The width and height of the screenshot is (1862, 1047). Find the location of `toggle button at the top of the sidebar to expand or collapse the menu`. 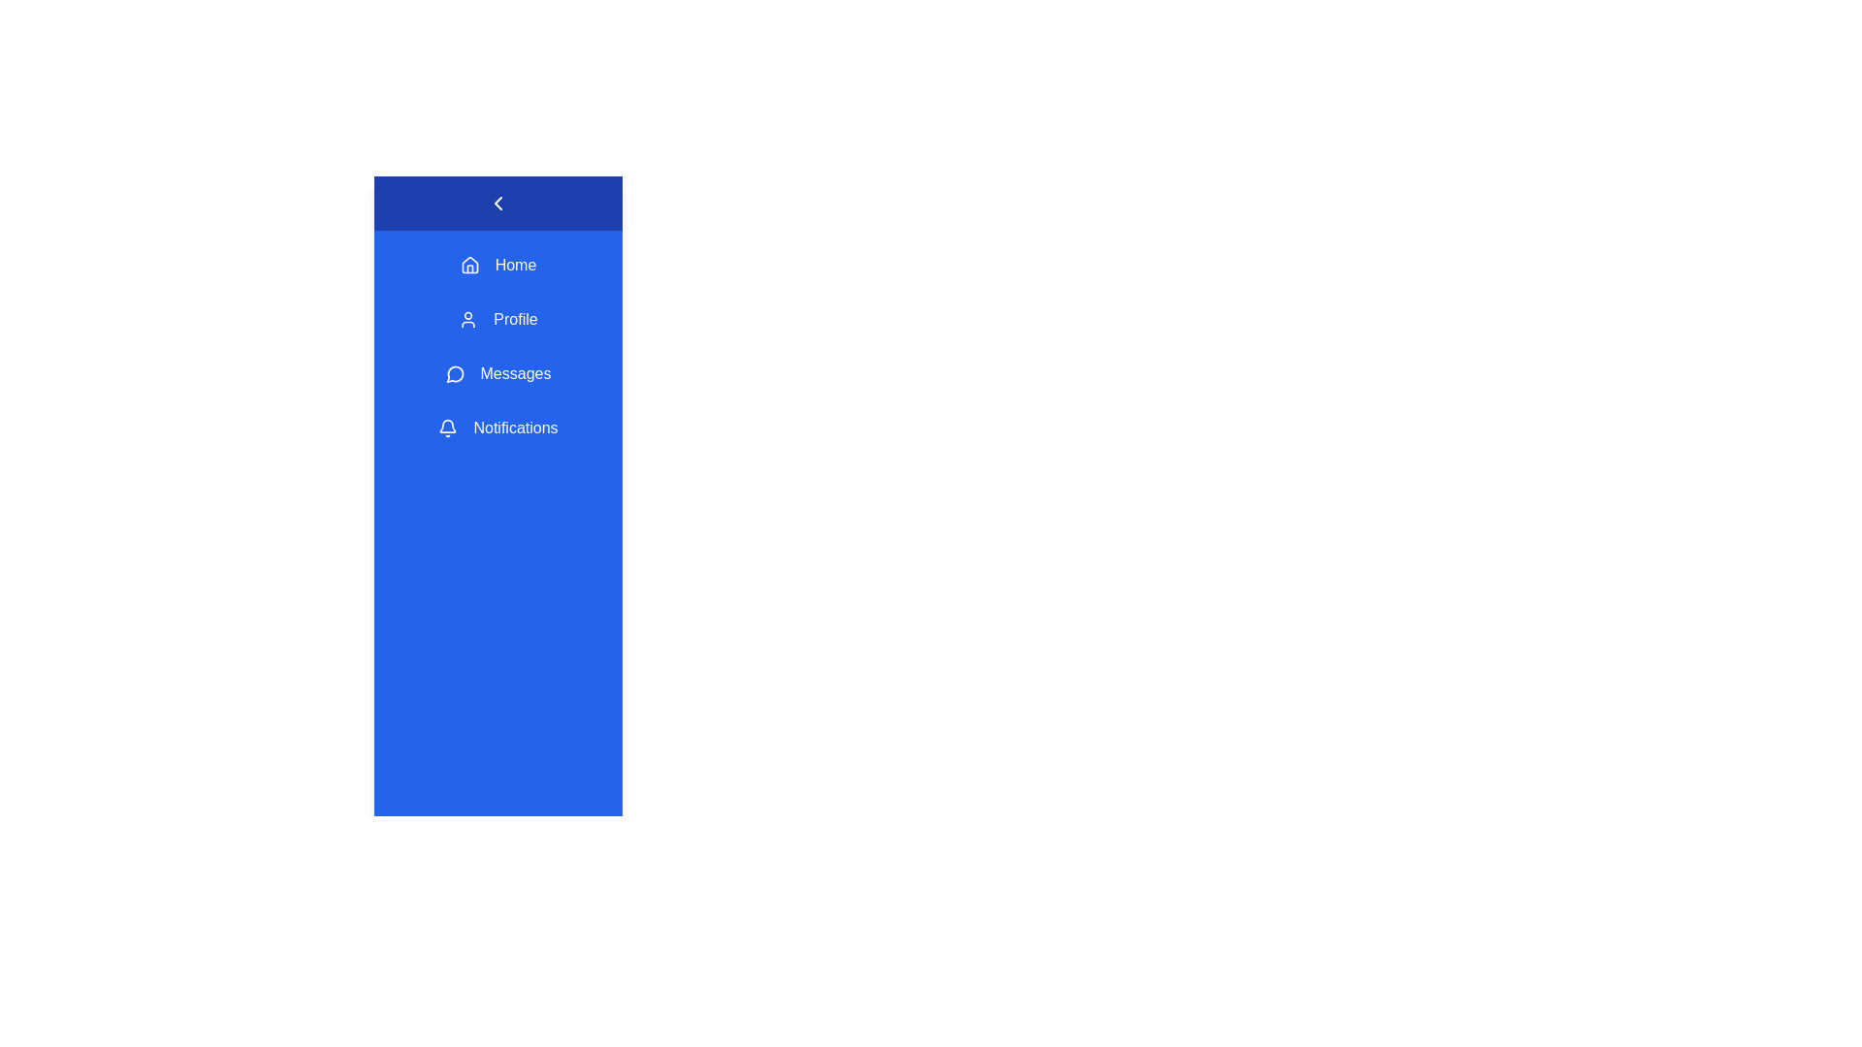

toggle button at the top of the sidebar to expand or collapse the menu is located at coordinates (498, 203).